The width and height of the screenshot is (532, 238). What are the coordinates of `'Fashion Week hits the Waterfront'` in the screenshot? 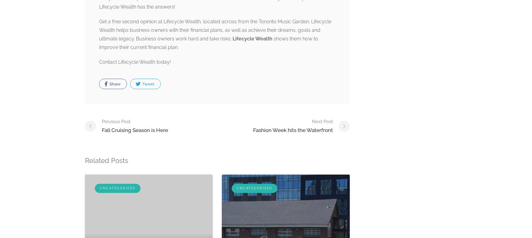 It's located at (293, 130).